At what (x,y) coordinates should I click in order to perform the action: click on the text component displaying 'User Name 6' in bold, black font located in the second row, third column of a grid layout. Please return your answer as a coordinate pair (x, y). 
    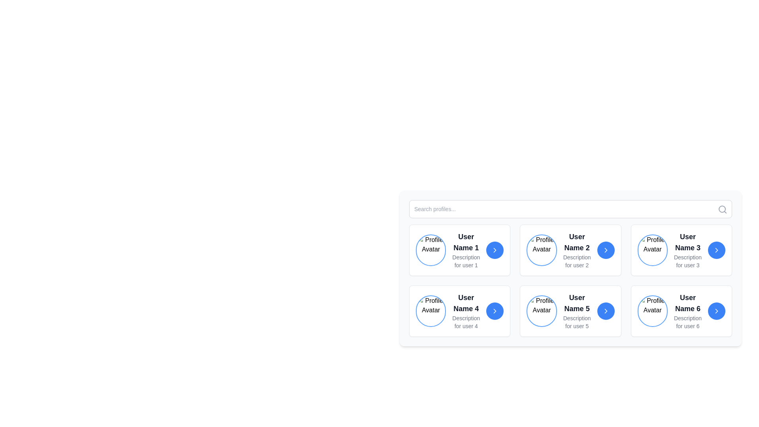
    Looking at the image, I should click on (687, 303).